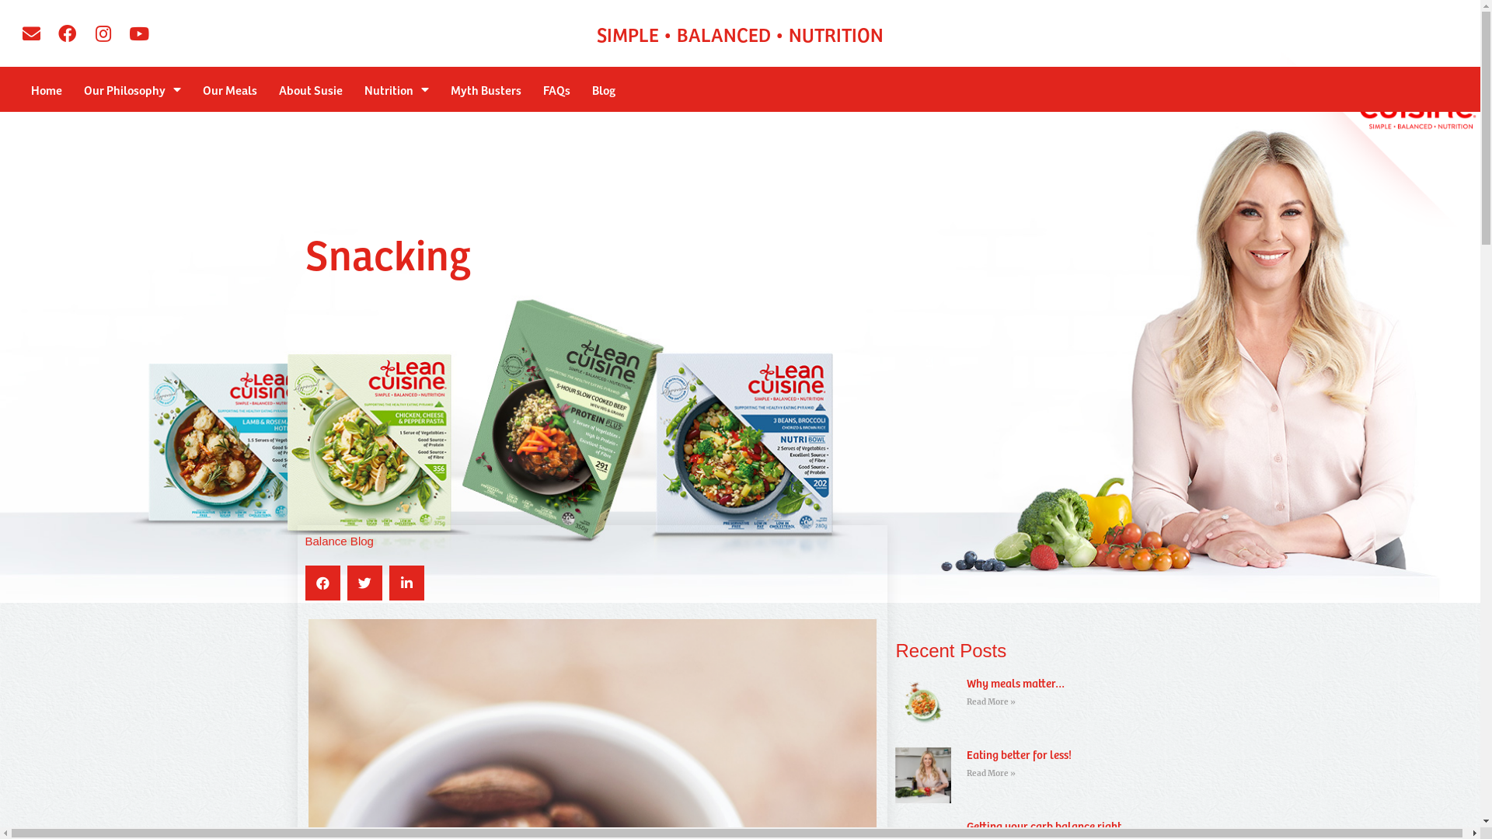 This screenshot has width=1492, height=839. Describe the element at coordinates (556, 89) in the screenshot. I see `'FAQs'` at that location.